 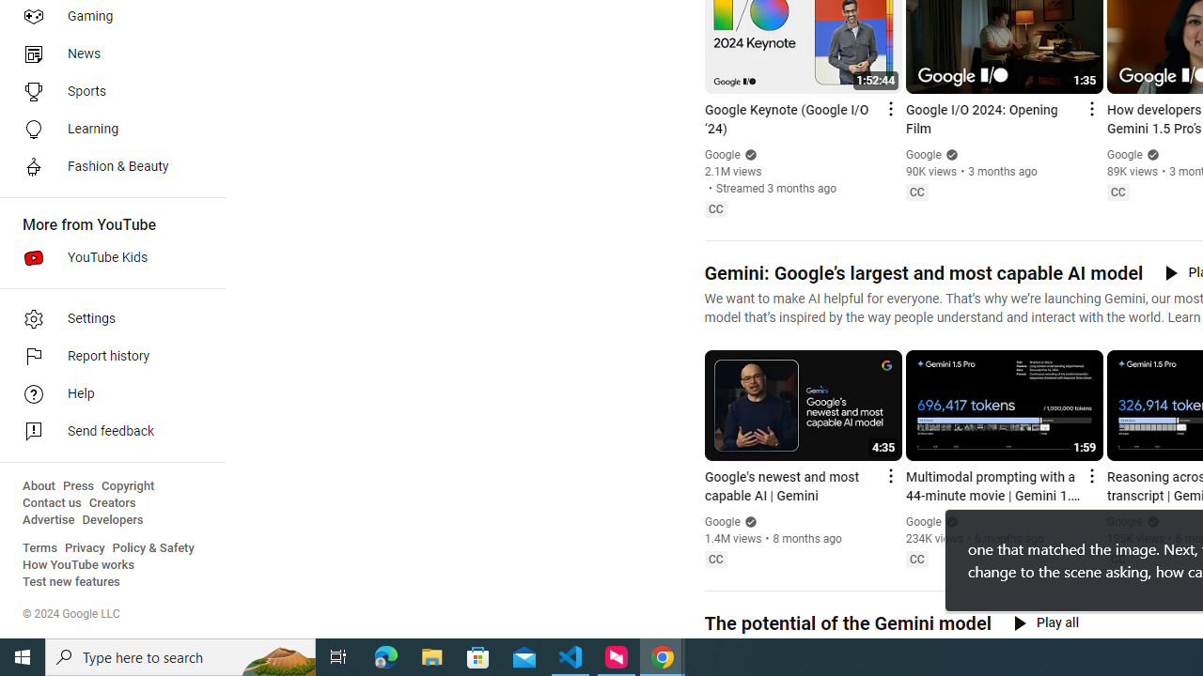 What do you see at coordinates (48, 520) in the screenshot?
I see `'Advertise'` at bounding box center [48, 520].